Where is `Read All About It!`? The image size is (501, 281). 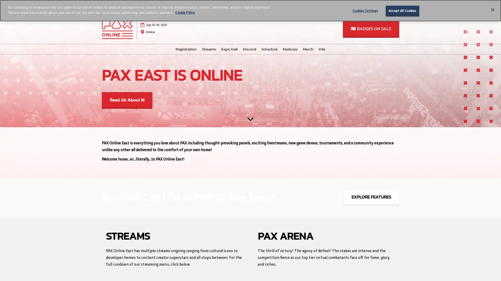
Read All About It! is located at coordinates (127, 100).